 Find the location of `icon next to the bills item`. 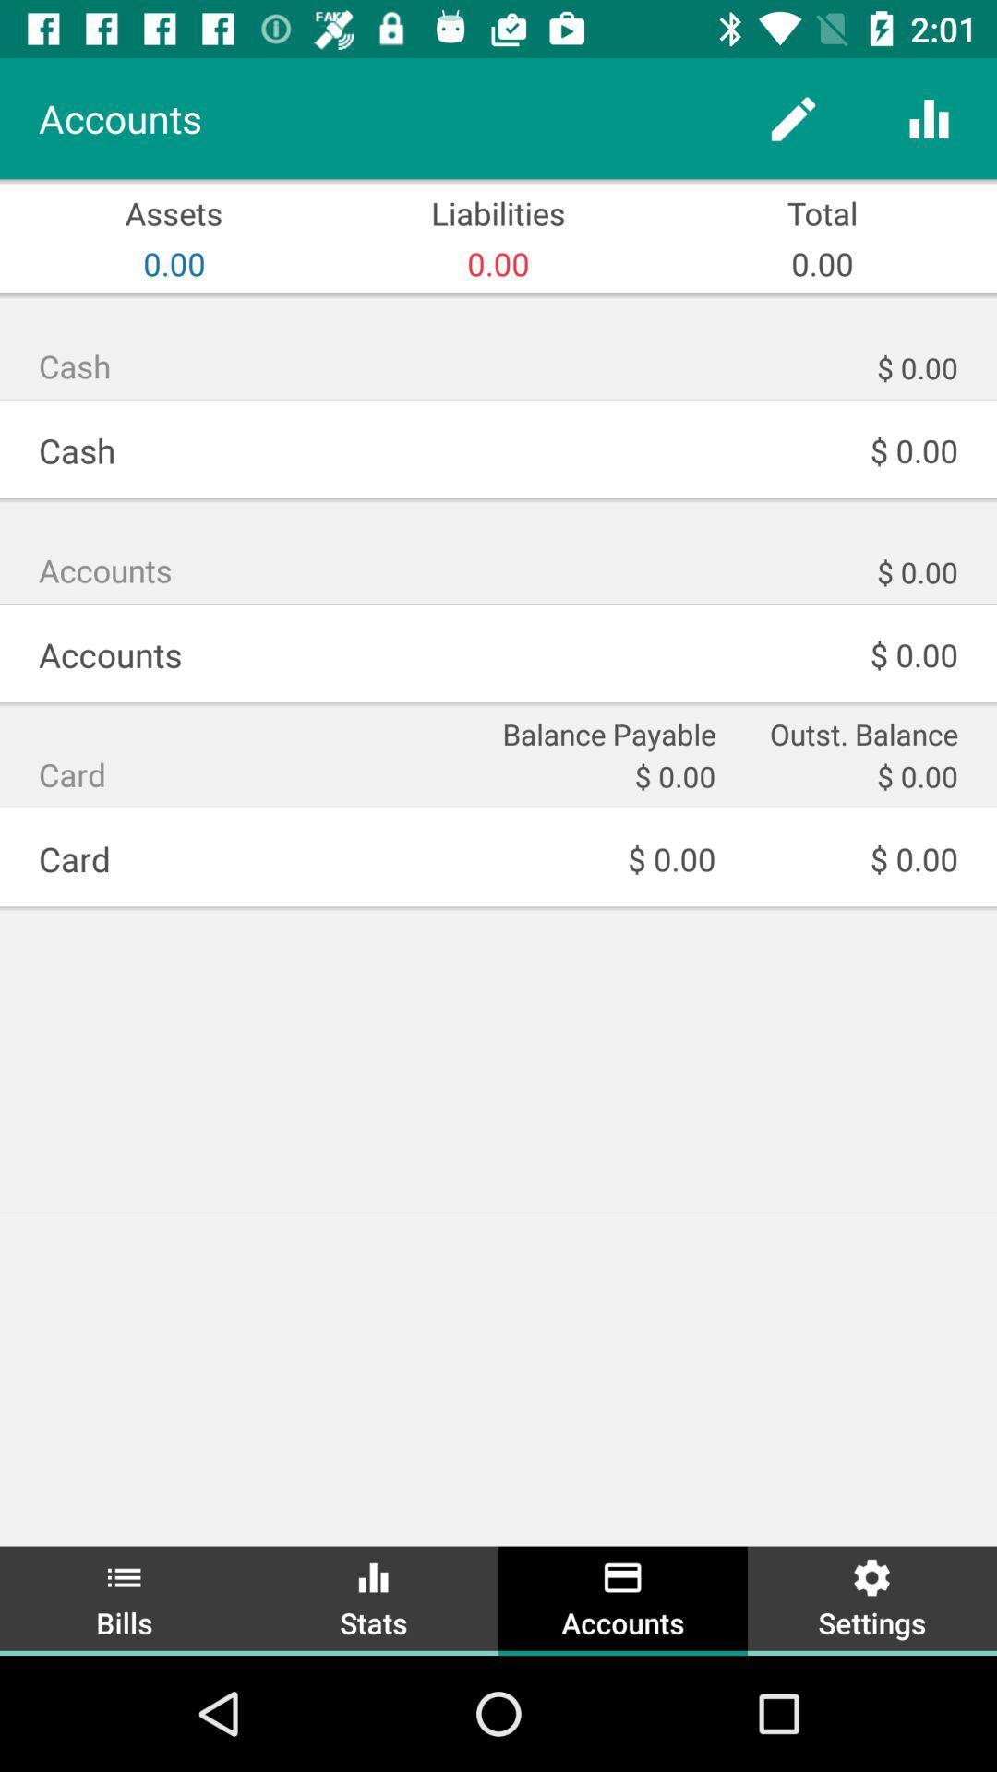

icon next to the bills item is located at coordinates (374, 1598).